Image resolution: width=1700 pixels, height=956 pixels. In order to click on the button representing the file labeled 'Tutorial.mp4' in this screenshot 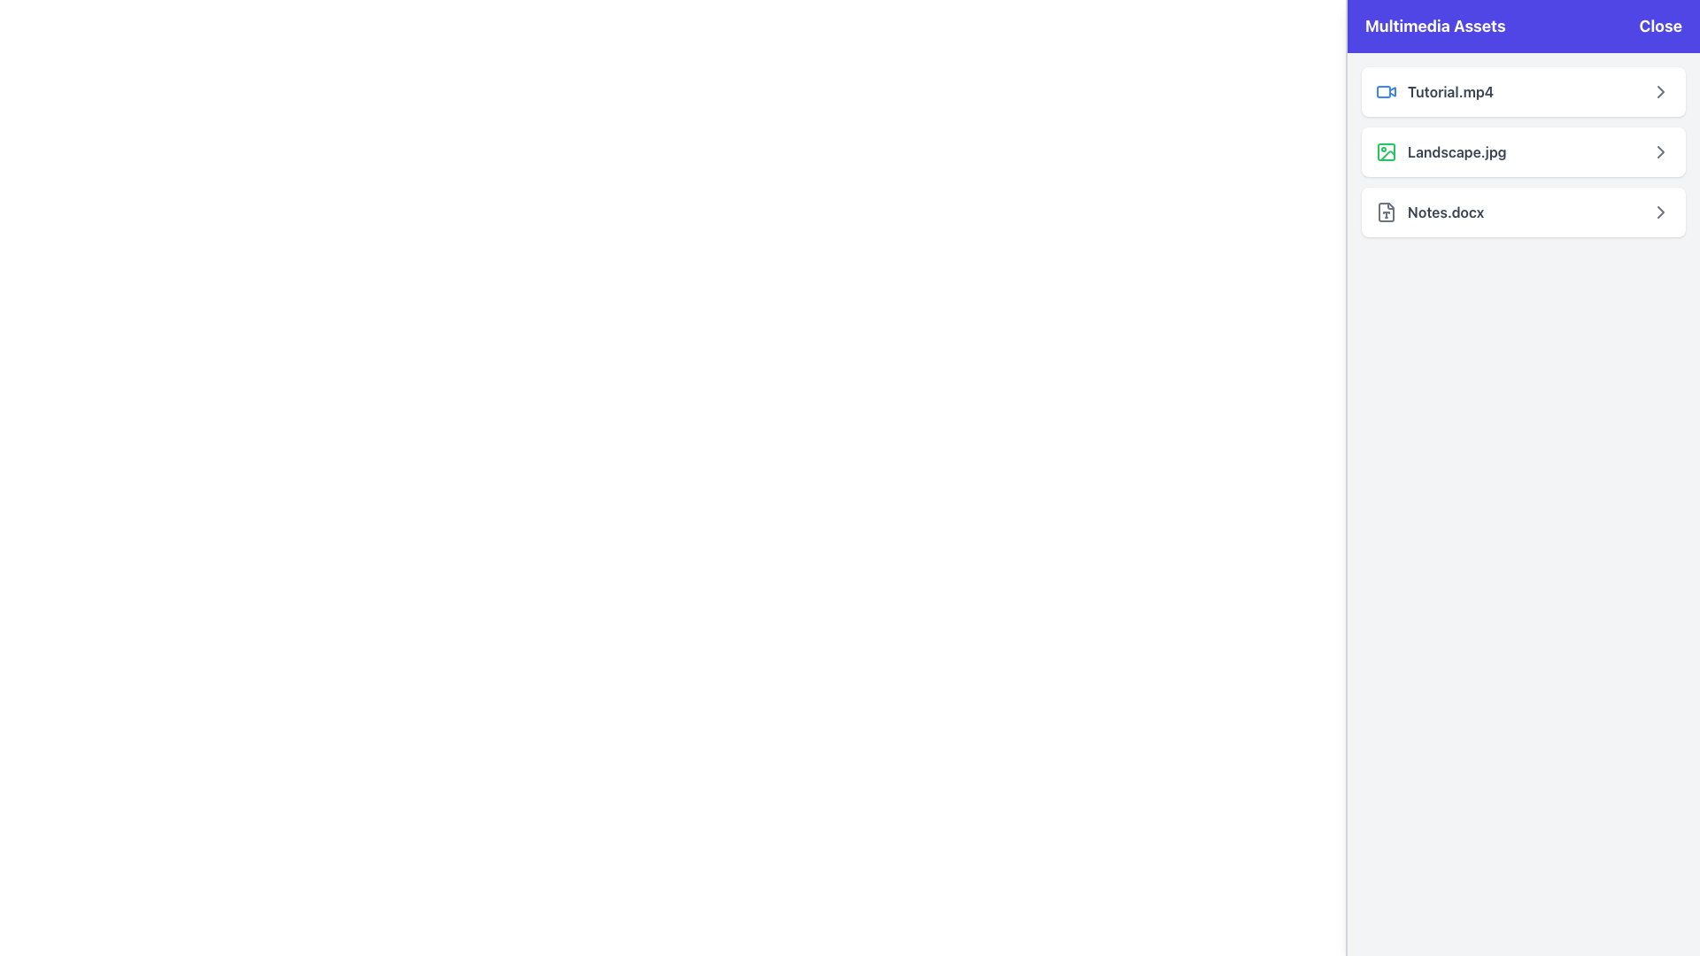, I will do `click(1523, 92)`.